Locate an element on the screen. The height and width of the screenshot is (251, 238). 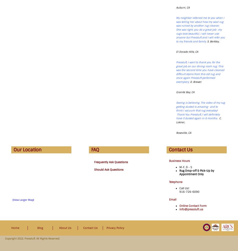
'M-F, 9 - 5' is located at coordinates (185, 167).